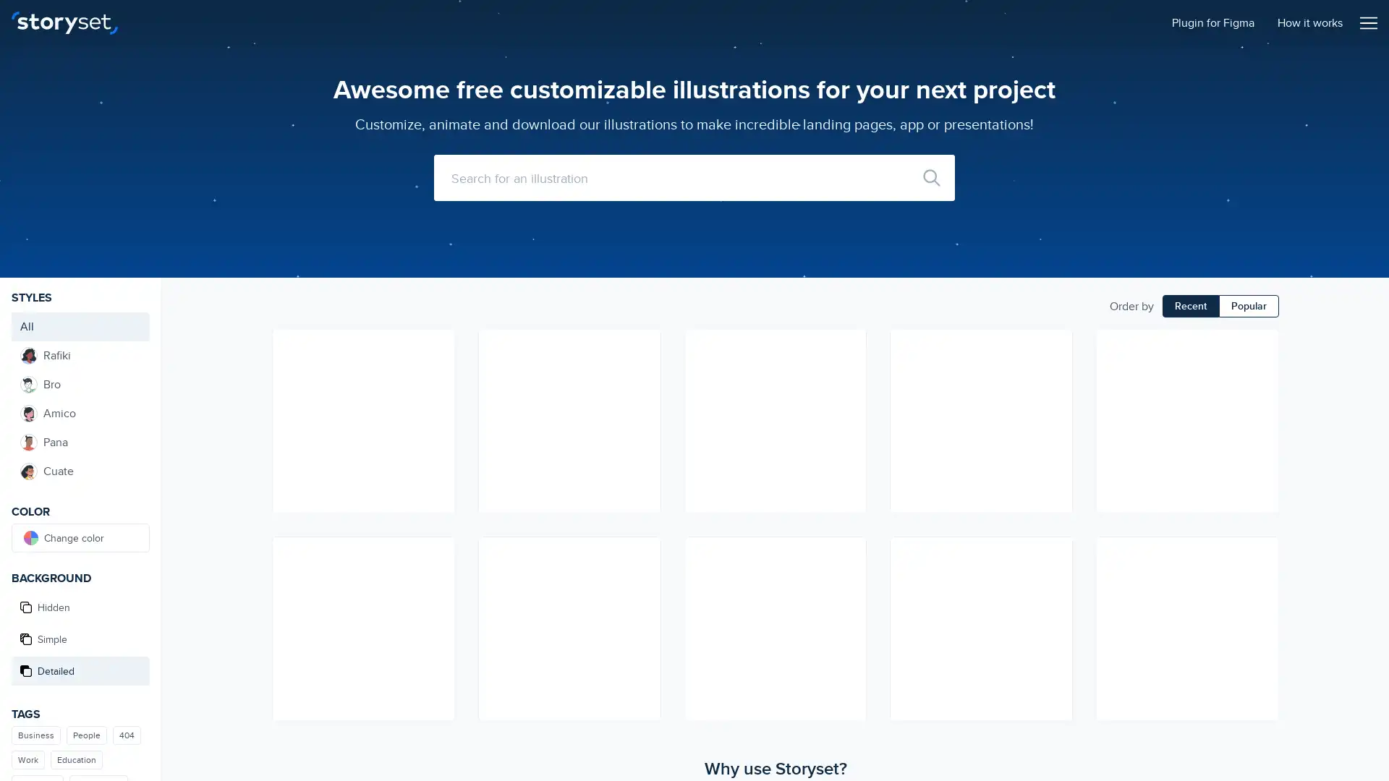 This screenshot has height=781, width=1389. What do you see at coordinates (436, 398) in the screenshot?
I see `Pinterest icon Save` at bounding box center [436, 398].